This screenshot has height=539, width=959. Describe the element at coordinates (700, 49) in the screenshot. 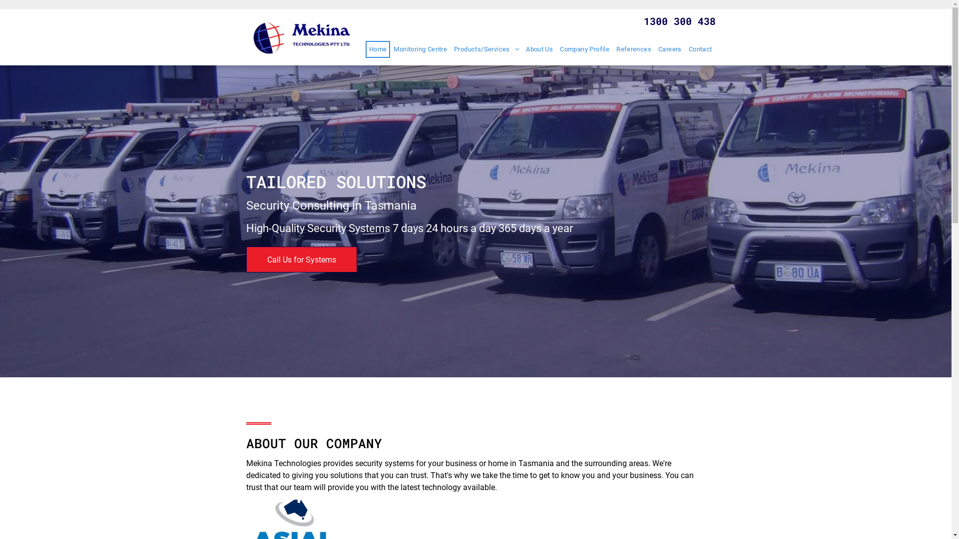

I see `'Contact'` at that location.